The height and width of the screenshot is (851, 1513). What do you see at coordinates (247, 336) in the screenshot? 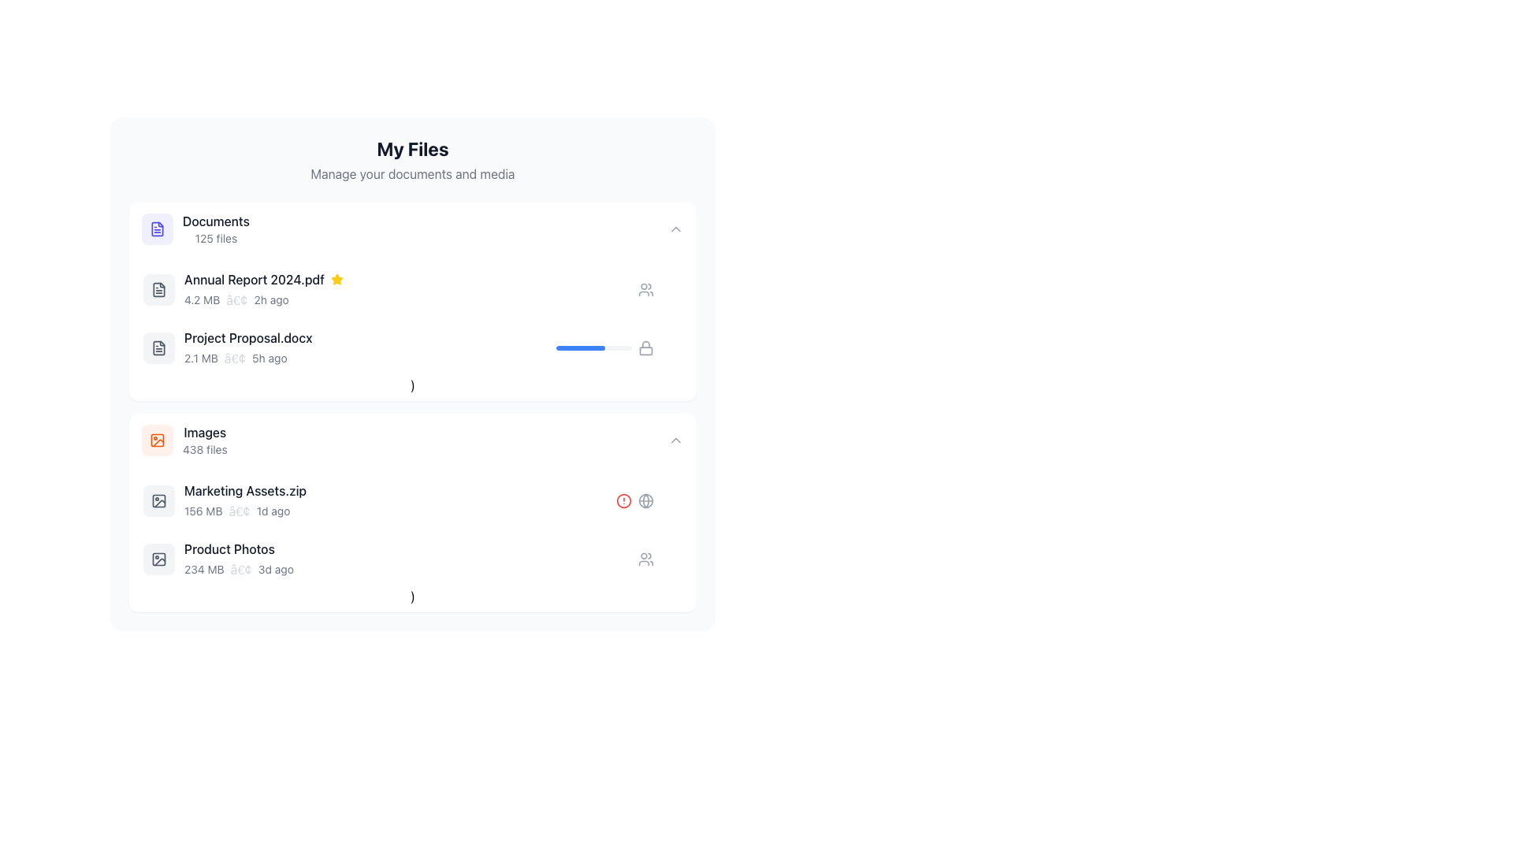
I see `the text label displaying 'Project Proposal.docx'` at bounding box center [247, 336].